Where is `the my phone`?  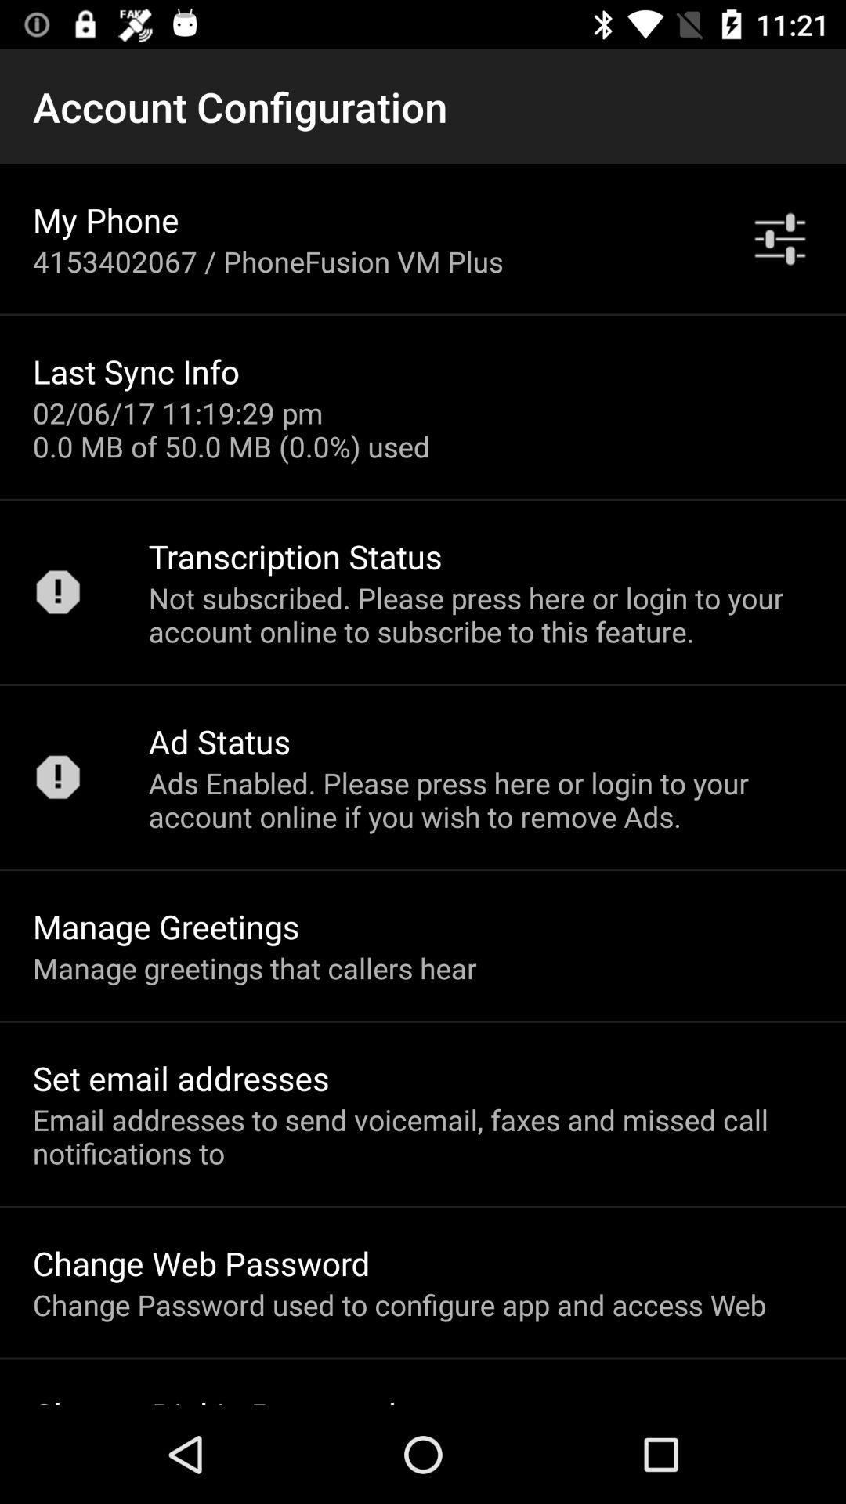
the my phone is located at coordinates (106, 219).